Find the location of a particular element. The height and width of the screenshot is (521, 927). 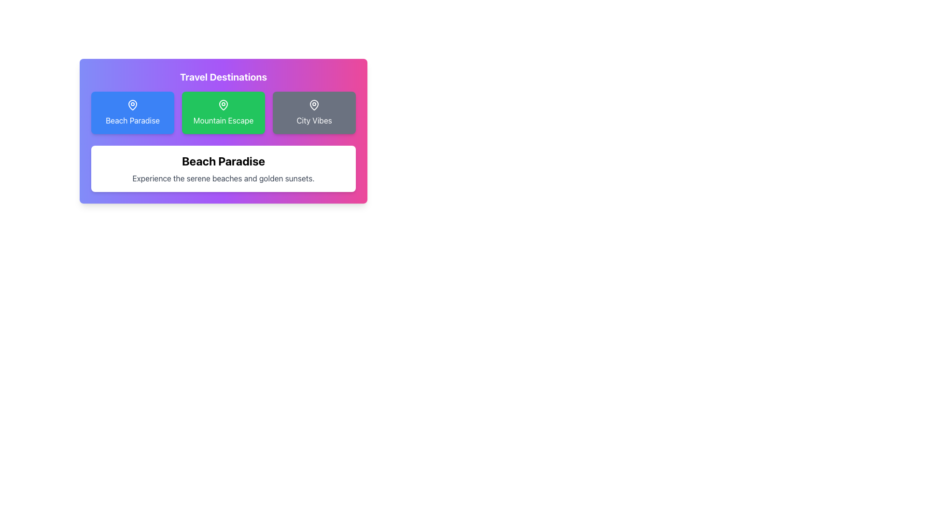

text content of the heading element that introduces the 'Beach Paradise' destination, positioned above the descriptive text is located at coordinates (223, 161).